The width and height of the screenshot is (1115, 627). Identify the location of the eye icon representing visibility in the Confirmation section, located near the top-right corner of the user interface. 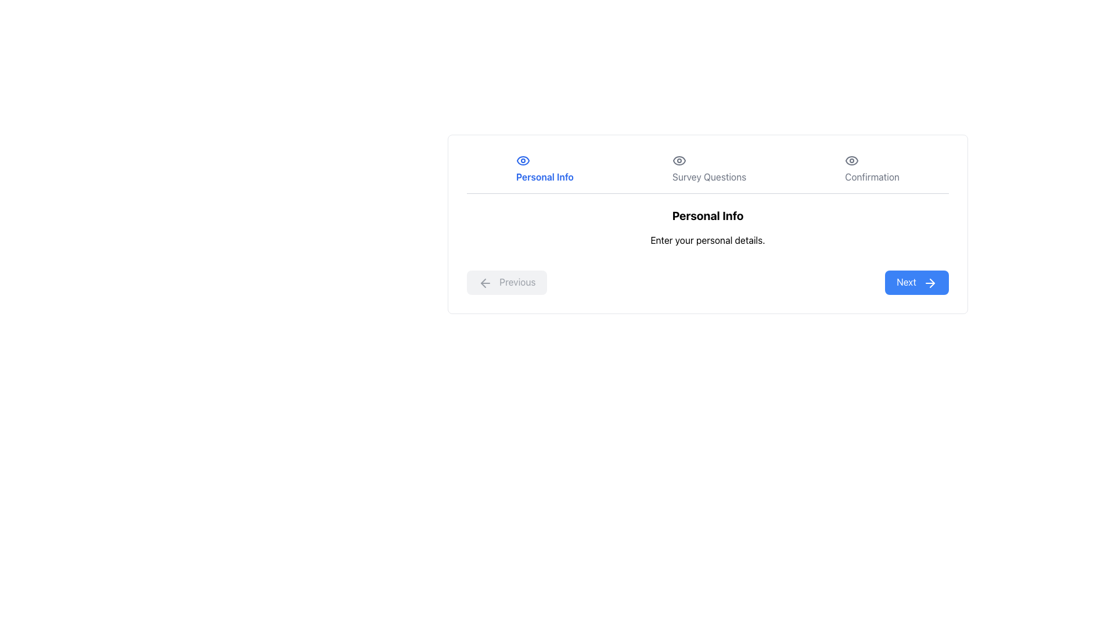
(852, 161).